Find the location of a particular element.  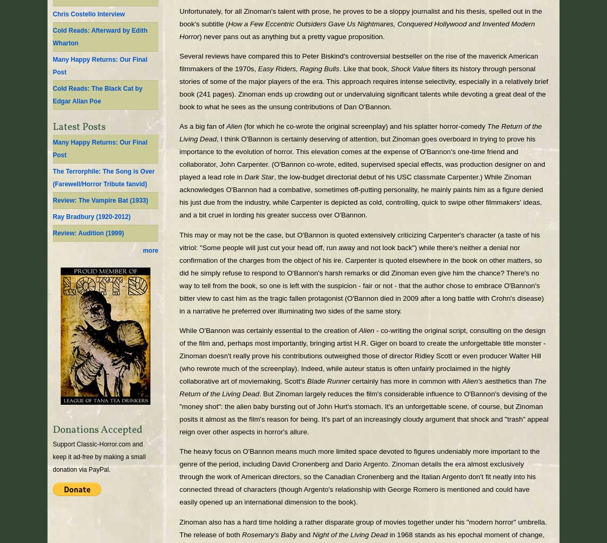

'Night
of the Living Dead' is located at coordinates (312, 534).